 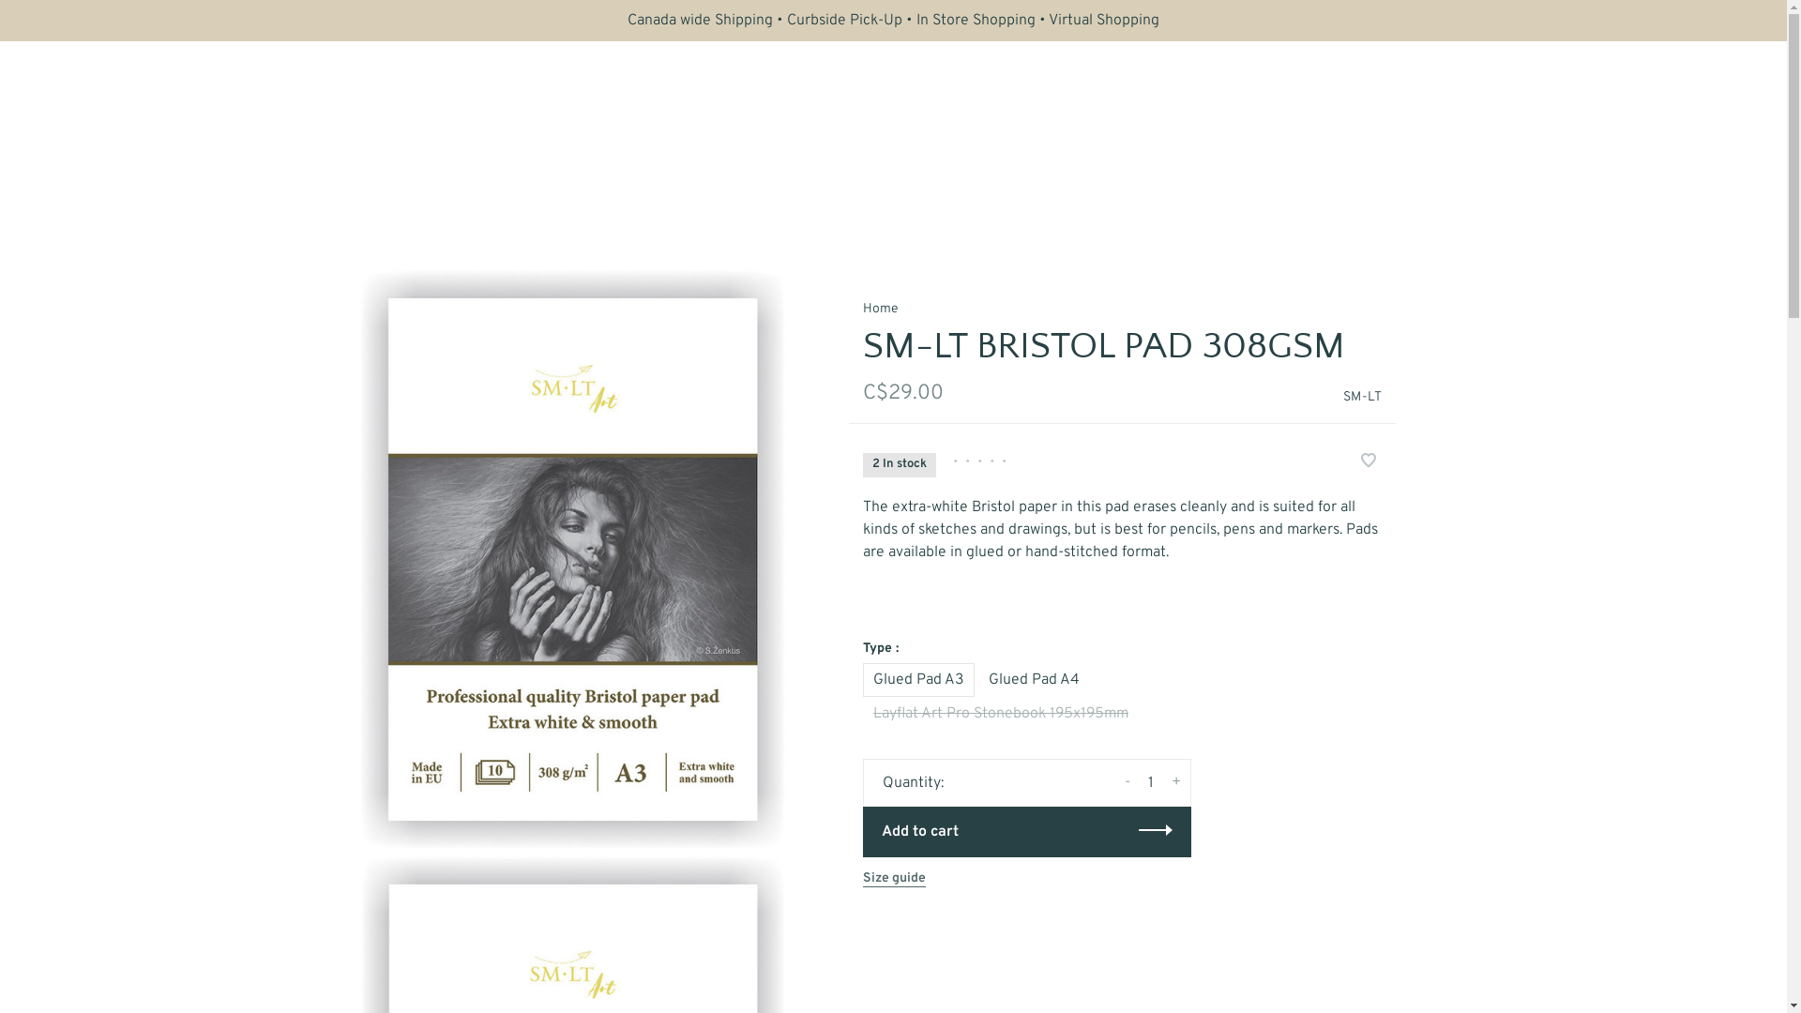 What do you see at coordinates (1025, 831) in the screenshot?
I see `'Add to cart'` at bounding box center [1025, 831].